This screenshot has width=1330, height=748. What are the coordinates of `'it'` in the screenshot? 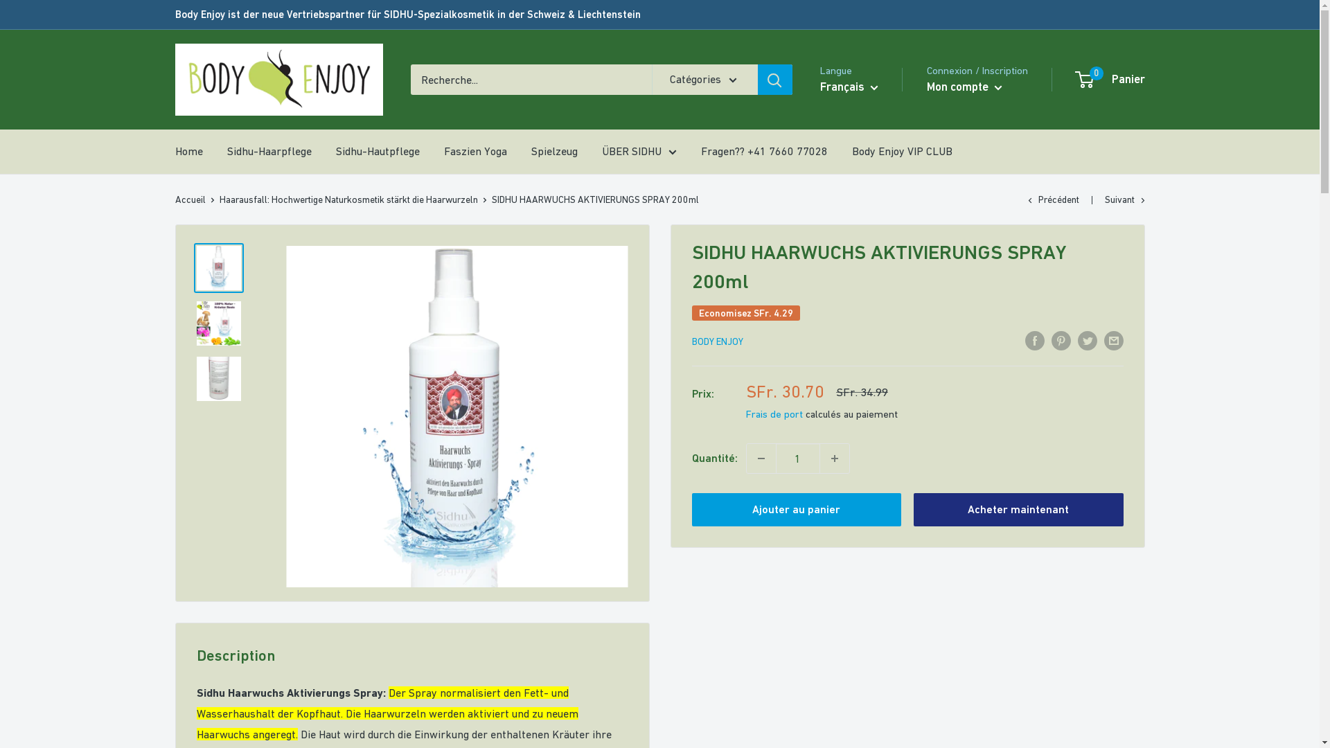 It's located at (860, 168).